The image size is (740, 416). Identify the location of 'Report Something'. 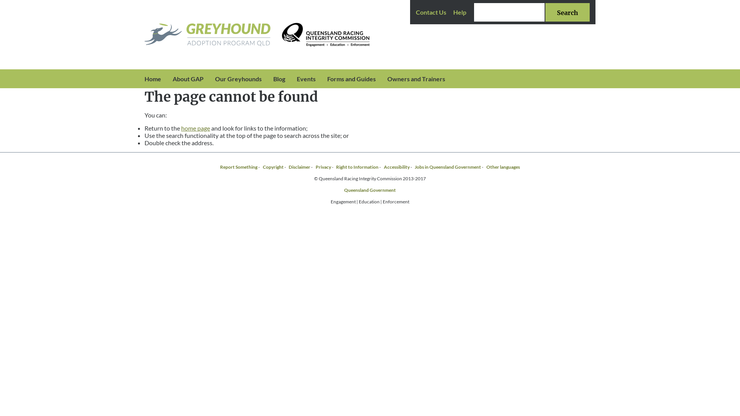
(238, 166).